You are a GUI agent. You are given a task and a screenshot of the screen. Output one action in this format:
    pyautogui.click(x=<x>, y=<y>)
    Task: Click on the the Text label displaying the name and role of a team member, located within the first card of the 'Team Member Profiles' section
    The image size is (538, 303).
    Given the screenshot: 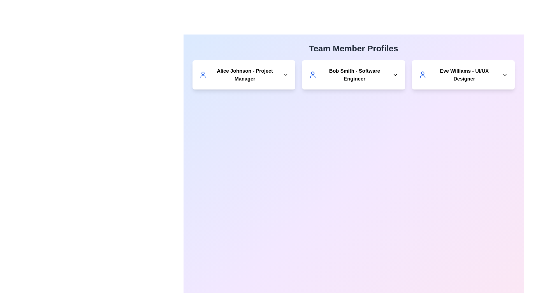 What is the action you would take?
    pyautogui.click(x=244, y=74)
    